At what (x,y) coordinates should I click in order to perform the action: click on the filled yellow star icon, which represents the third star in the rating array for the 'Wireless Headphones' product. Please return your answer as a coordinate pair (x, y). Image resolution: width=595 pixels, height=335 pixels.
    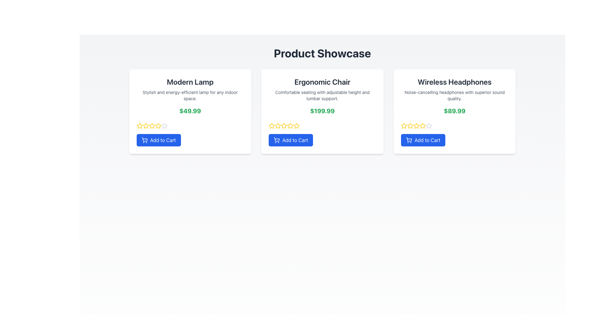
    Looking at the image, I should click on (416, 126).